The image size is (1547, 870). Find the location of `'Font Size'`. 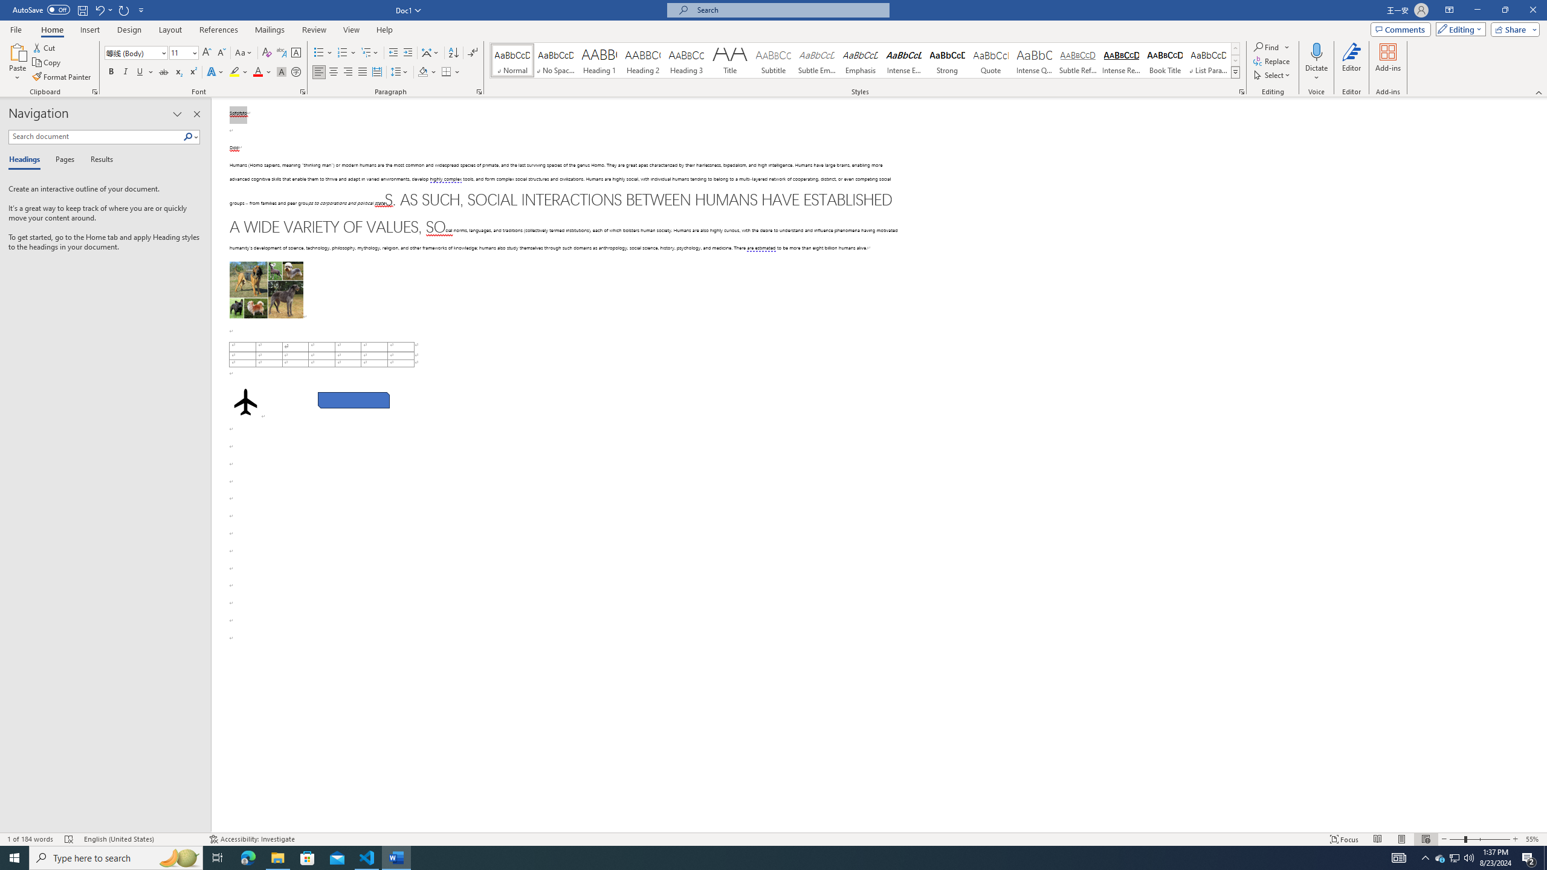

'Font Size' is located at coordinates (183, 53).